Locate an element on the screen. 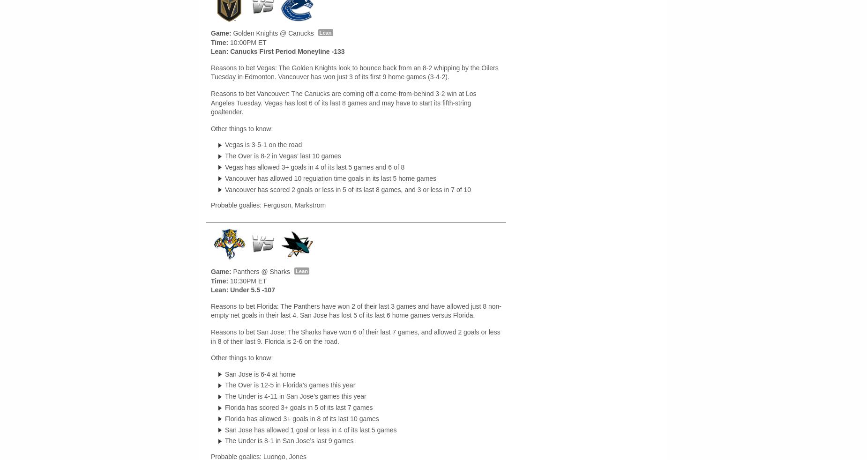  'Probable goalies: Ferguson, Markstrom' is located at coordinates (268, 205).